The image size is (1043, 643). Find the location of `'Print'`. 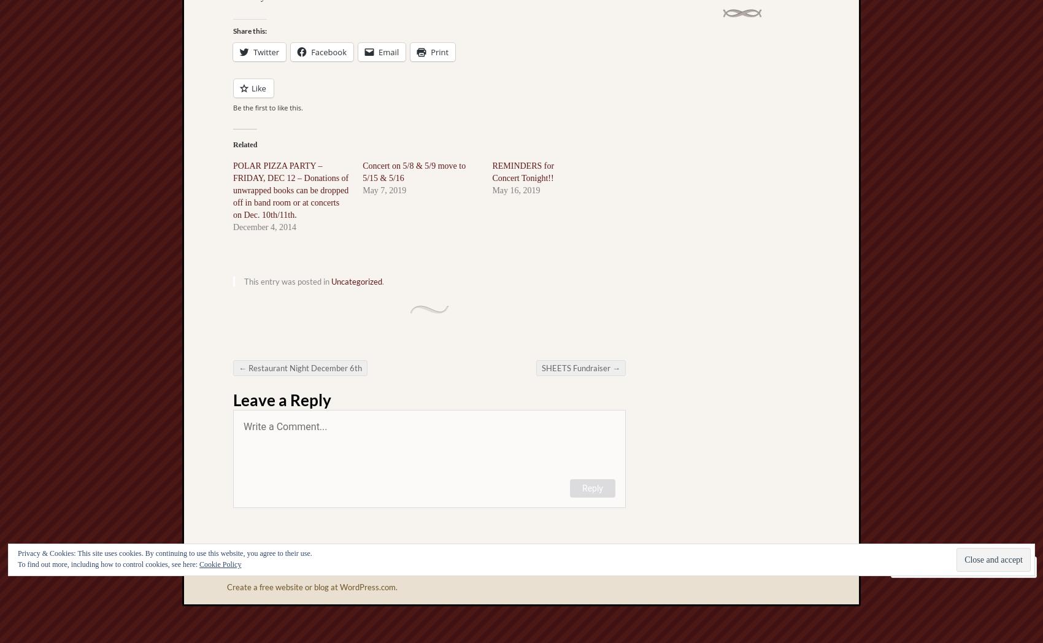

'Print' is located at coordinates (430, 52).